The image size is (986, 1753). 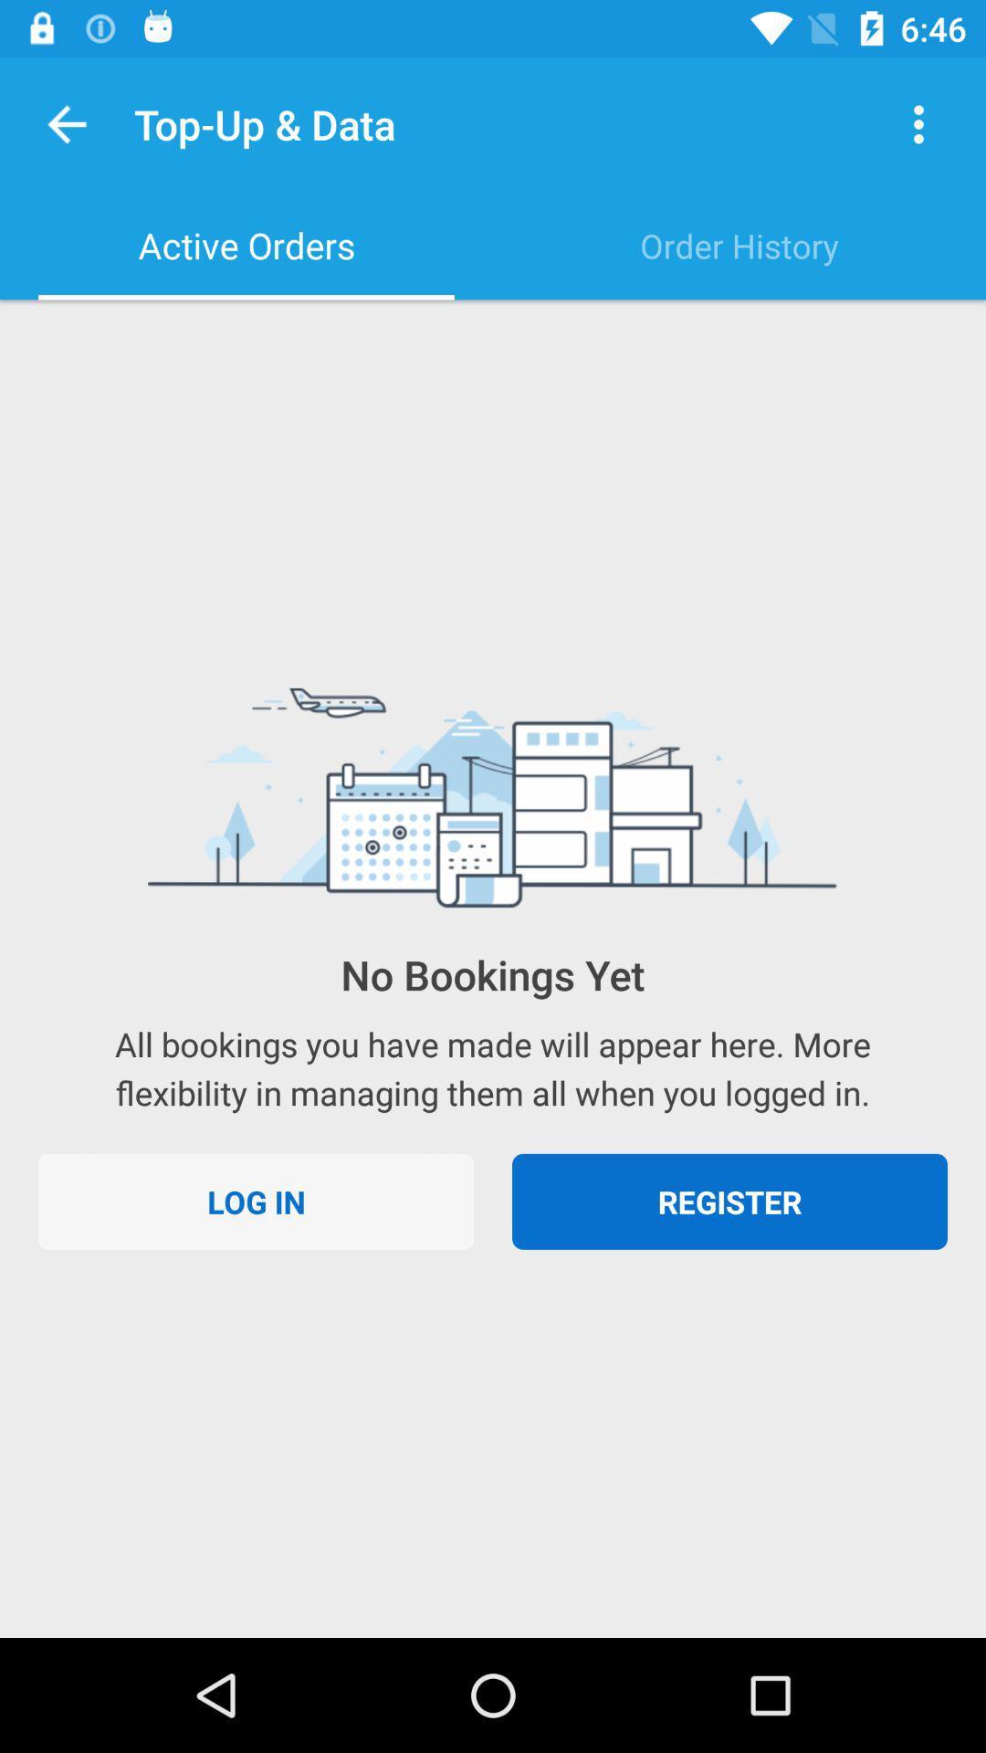 What do you see at coordinates (246, 245) in the screenshot?
I see `the active orders` at bounding box center [246, 245].